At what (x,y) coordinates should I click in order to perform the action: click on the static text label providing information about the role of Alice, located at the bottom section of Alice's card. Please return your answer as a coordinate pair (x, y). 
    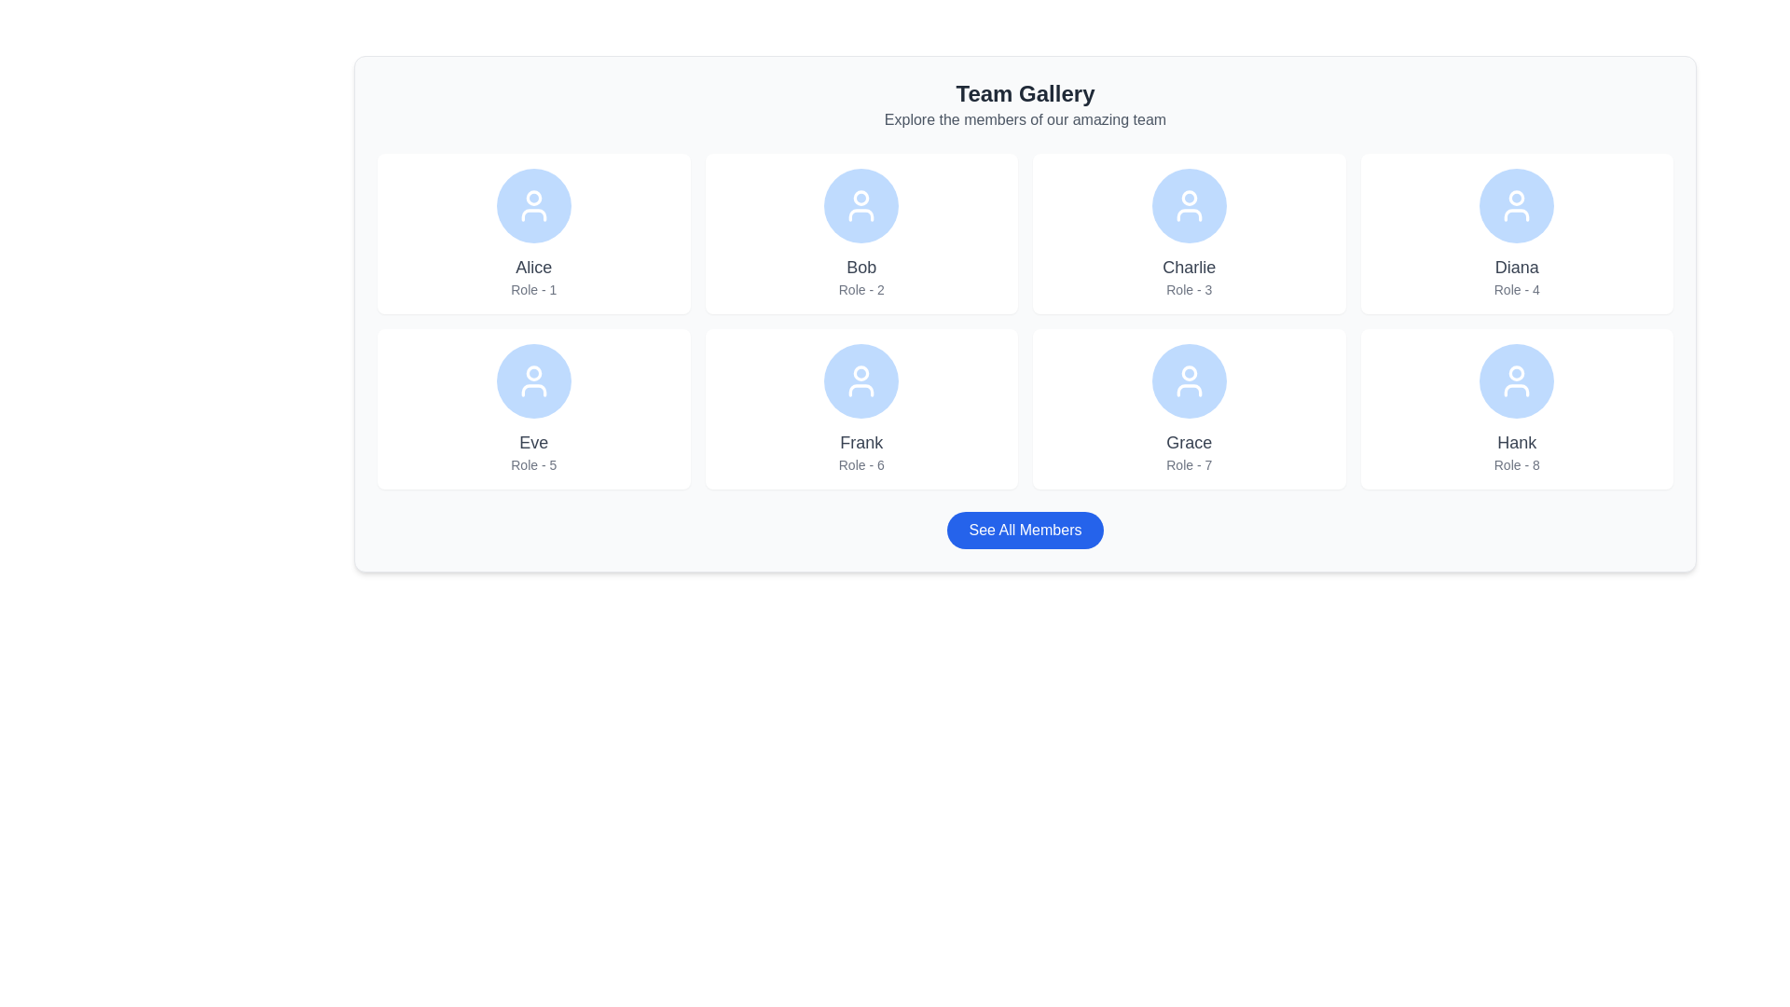
    Looking at the image, I should click on (532, 290).